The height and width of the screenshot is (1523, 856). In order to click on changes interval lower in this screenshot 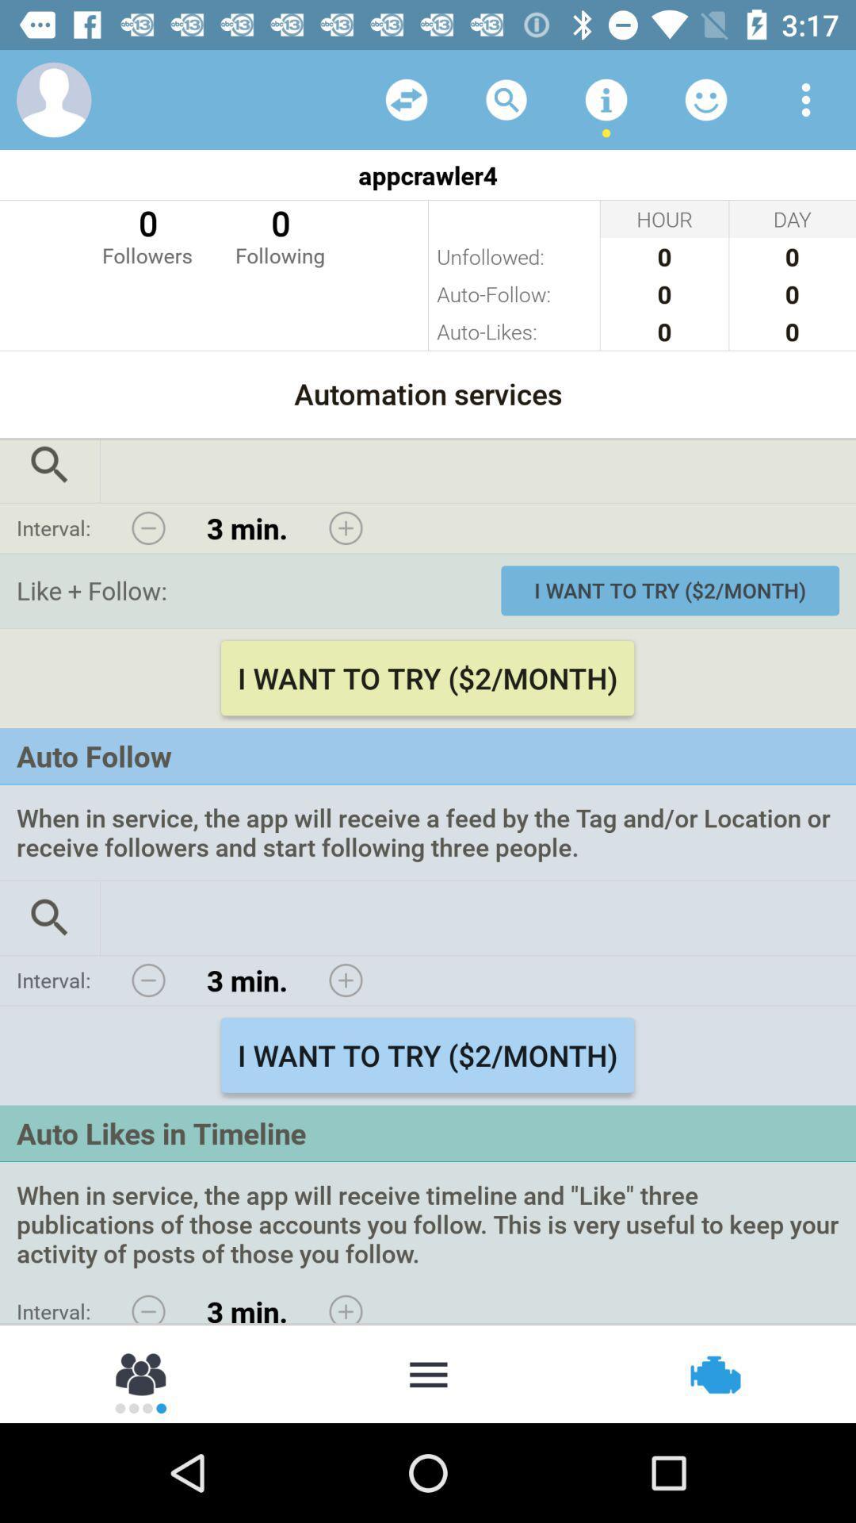, I will do `click(148, 980)`.